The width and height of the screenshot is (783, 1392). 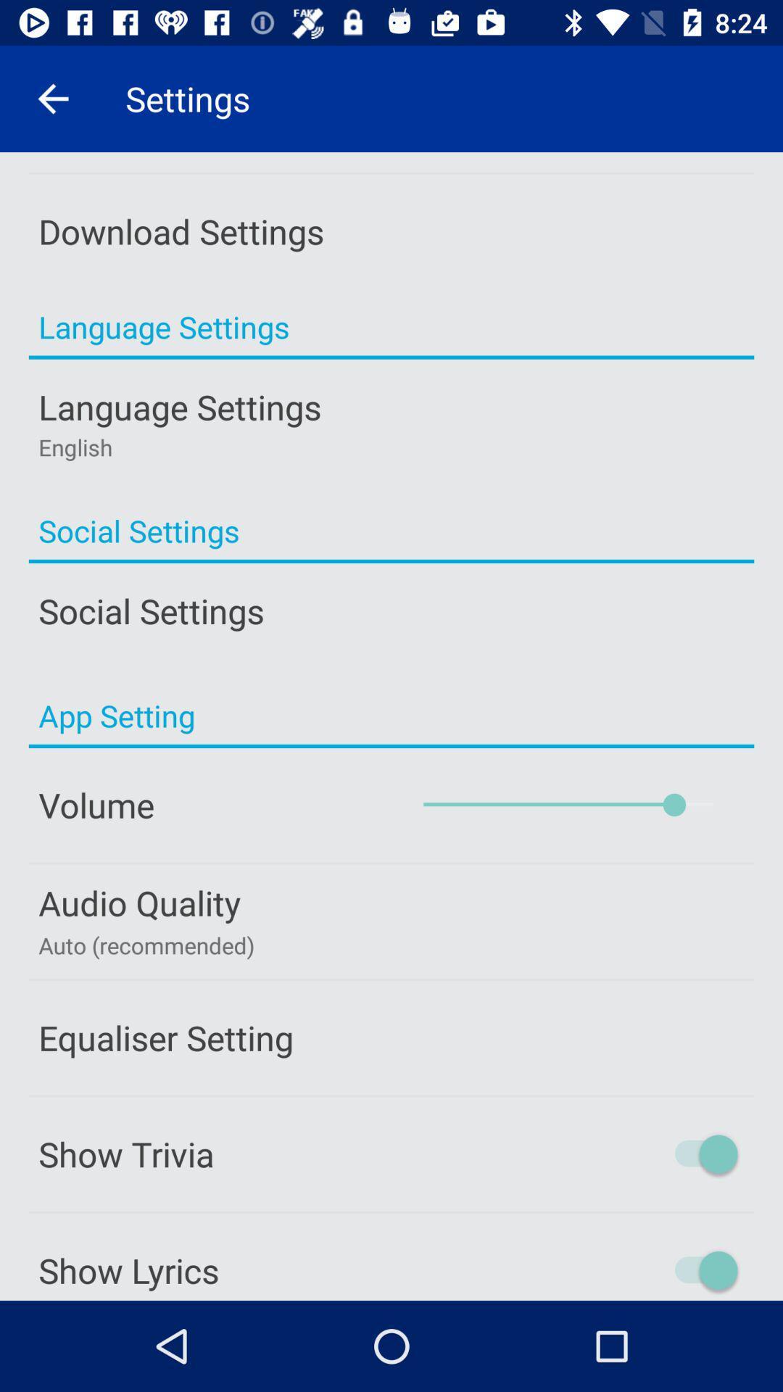 I want to click on button to show and unshow lyrics, so click(x=644, y=1269).